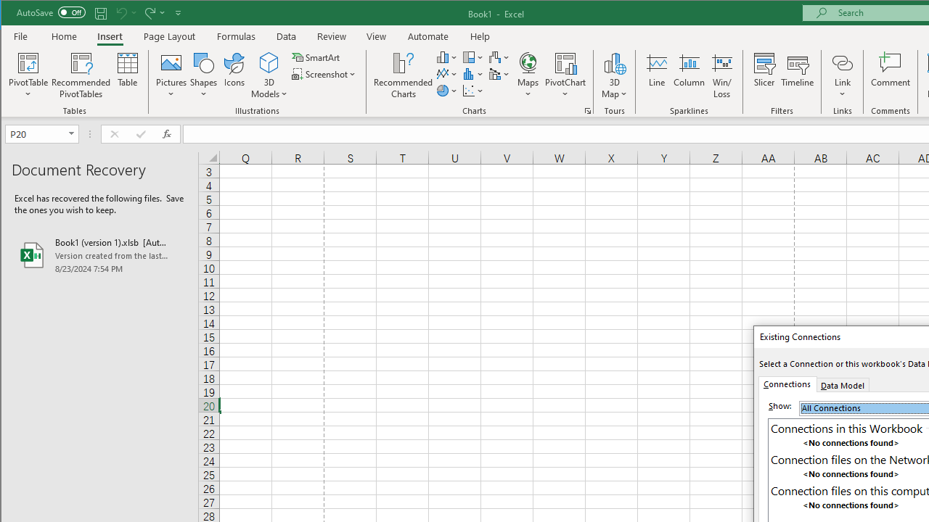 The height and width of the screenshot is (522, 929). Describe the element at coordinates (655, 75) in the screenshot. I see `'Line'` at that location.